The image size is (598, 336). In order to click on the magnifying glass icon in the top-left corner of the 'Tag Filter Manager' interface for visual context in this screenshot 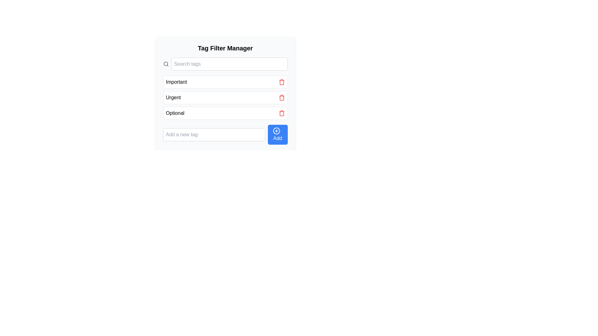, I will do `click(166, 64)`.